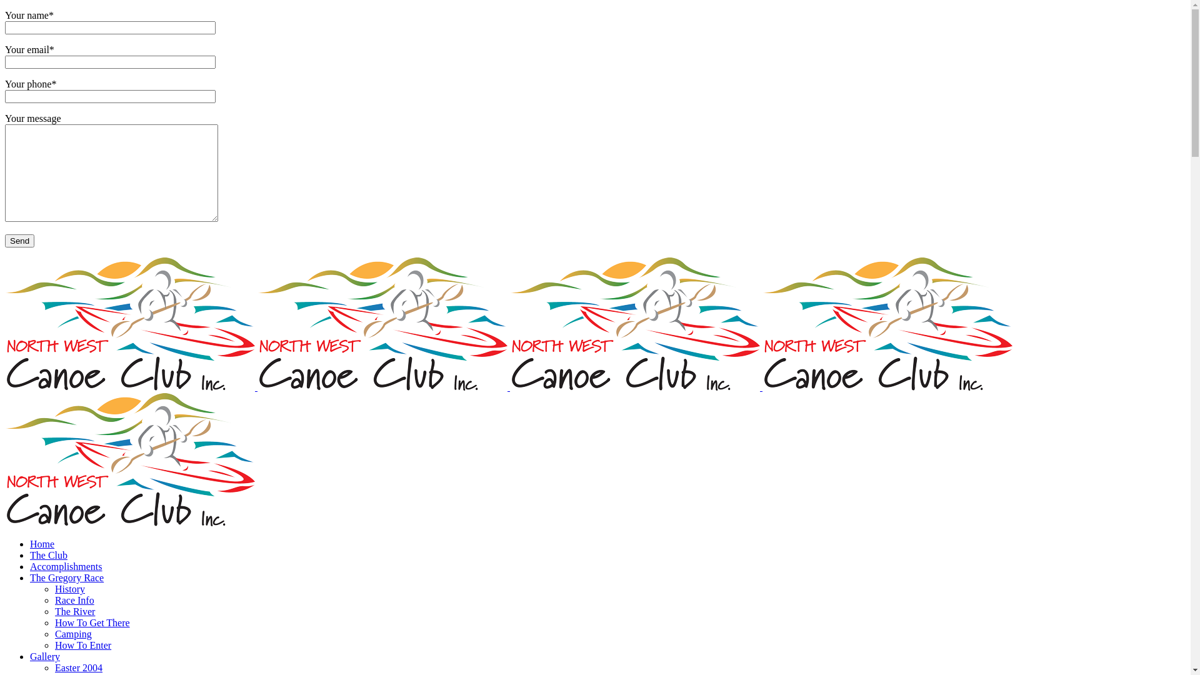 This screenshot has width=1200, height=675. What do you see at coordinates (65, 566) in the screenshot?
I see `'Accomplishments'` at bounding box center [65, 566].